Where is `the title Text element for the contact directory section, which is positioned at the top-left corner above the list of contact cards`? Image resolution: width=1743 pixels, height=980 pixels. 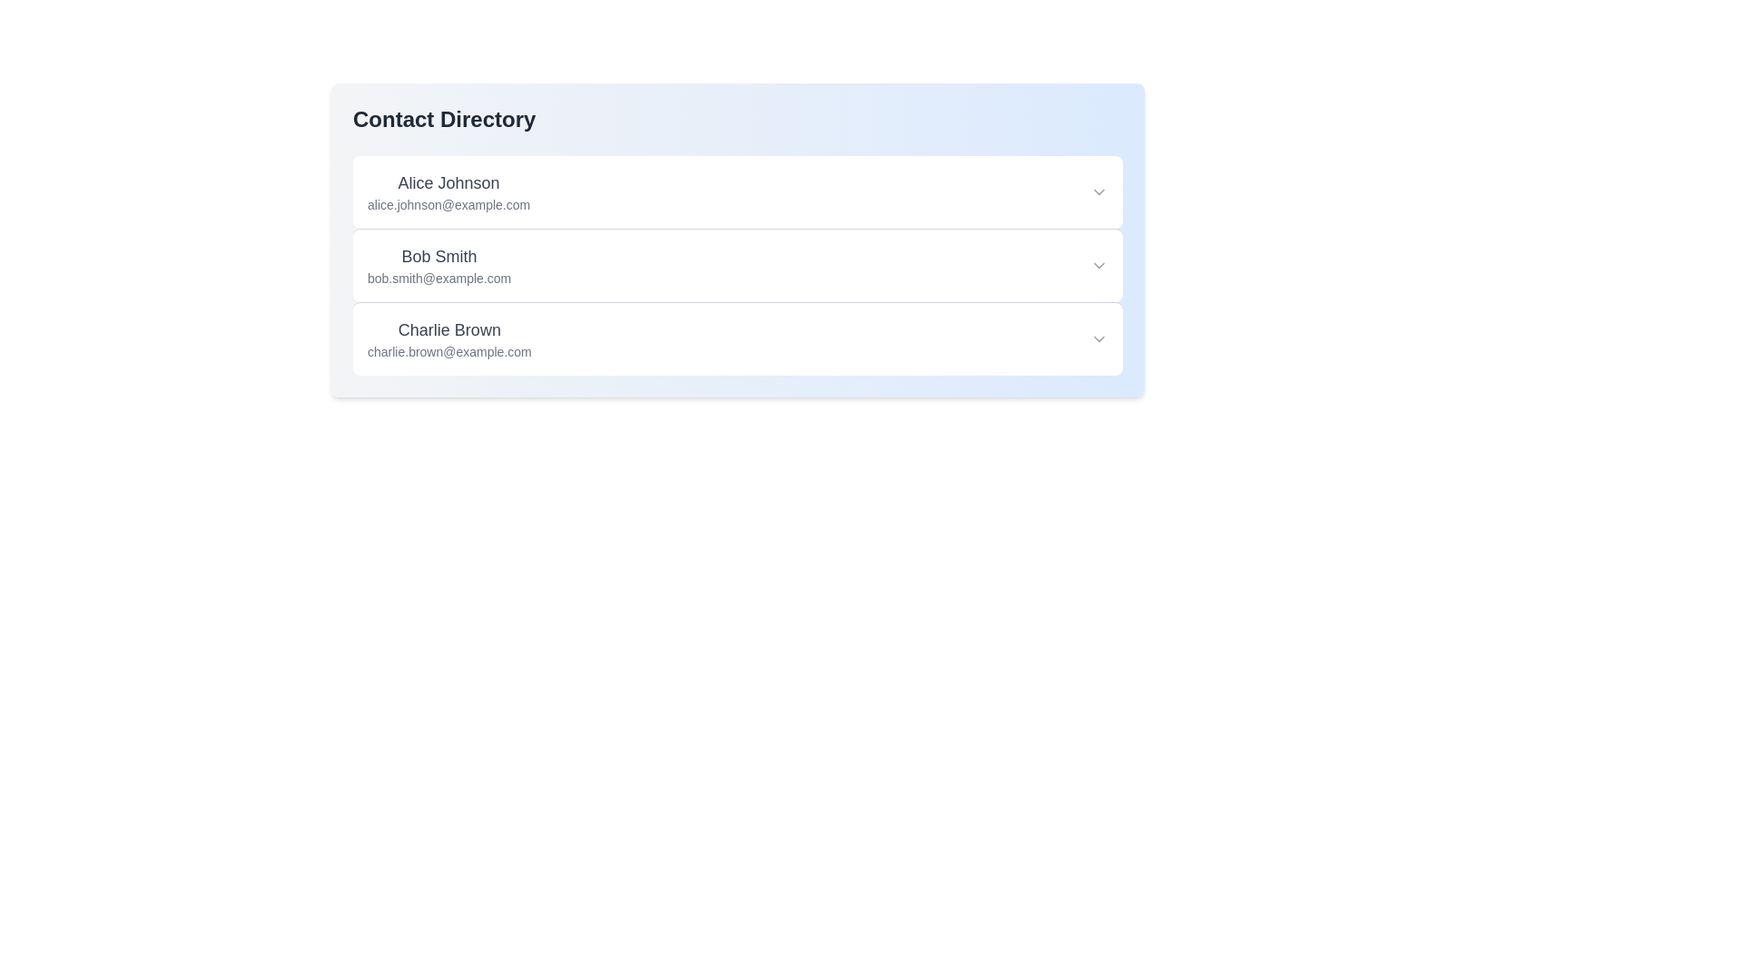
the title Text element for the contact directory section, which is positioned at the top-left corner above the list of contact cards is located at coordinates (444, 119).